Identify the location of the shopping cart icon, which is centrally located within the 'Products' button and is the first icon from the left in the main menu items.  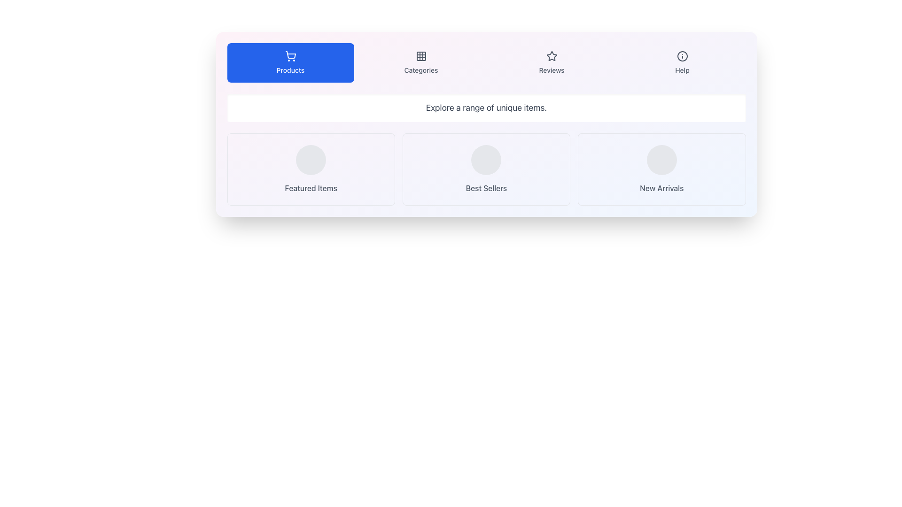
(290, 56).